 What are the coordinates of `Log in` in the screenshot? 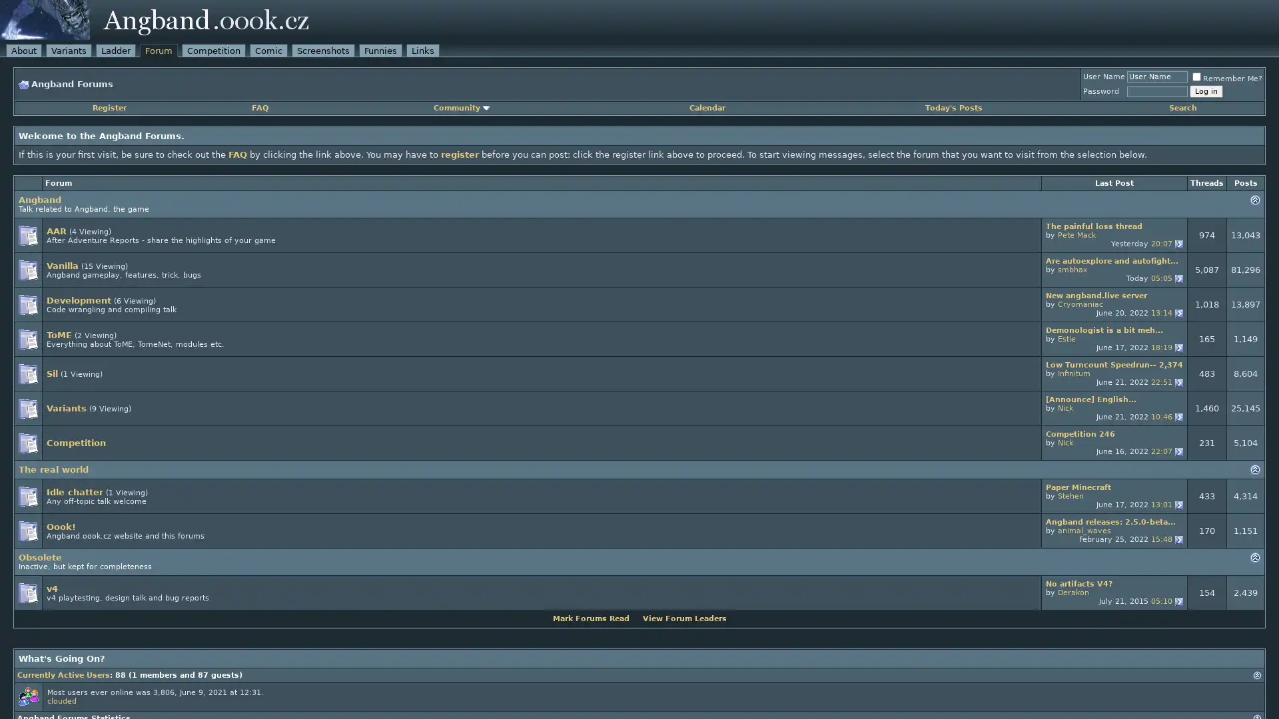 It's located at (1206, 91).